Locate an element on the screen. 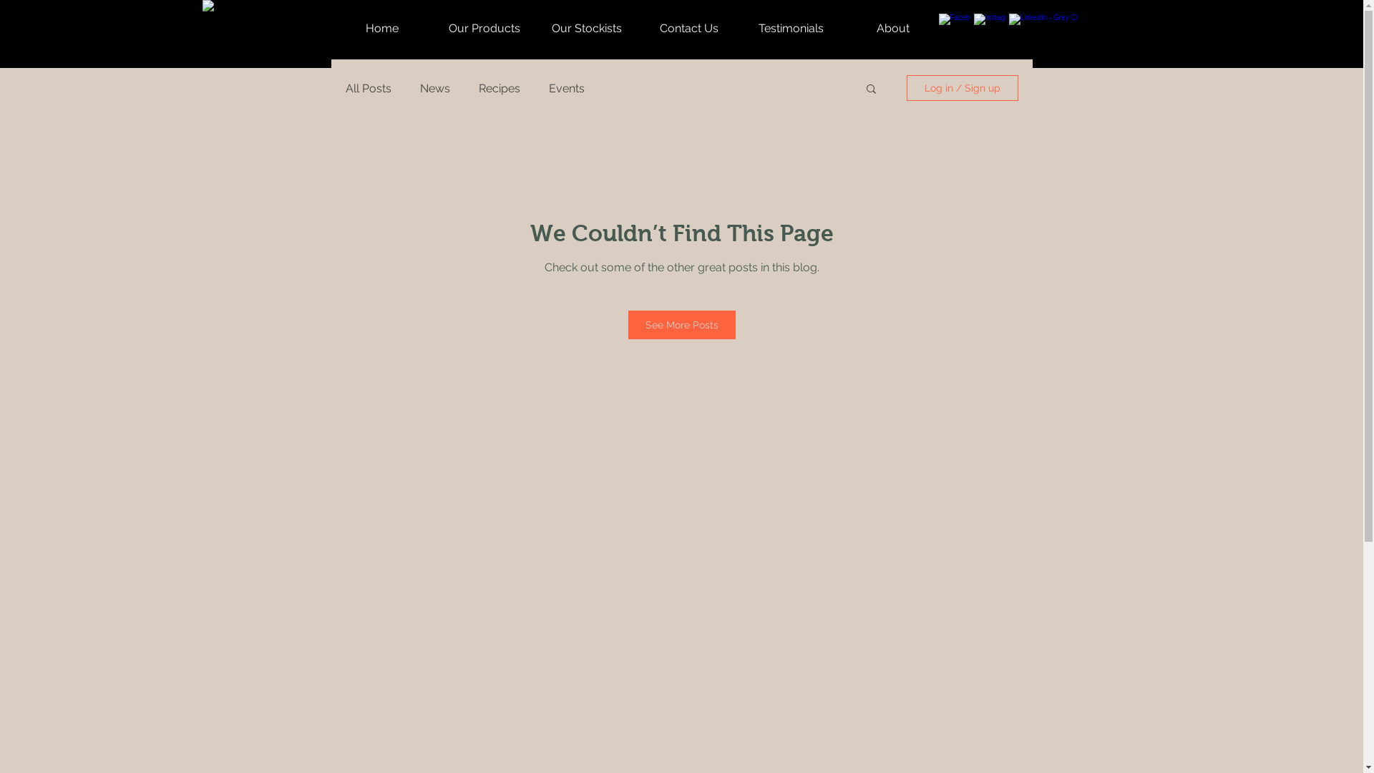 Image resolution: width=1374 pixels, height=773 pixels. 'Events' is located at coordinates (547, 88).